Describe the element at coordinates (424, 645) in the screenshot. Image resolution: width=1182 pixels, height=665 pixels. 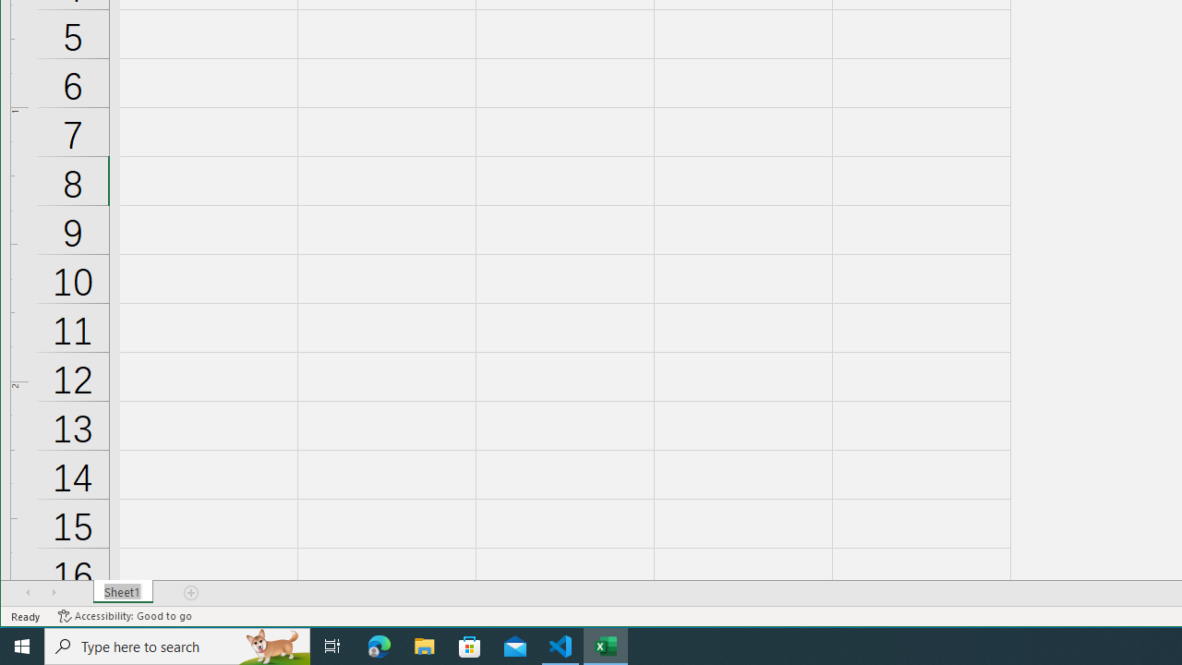
I see `'File Explorer'` at that location.